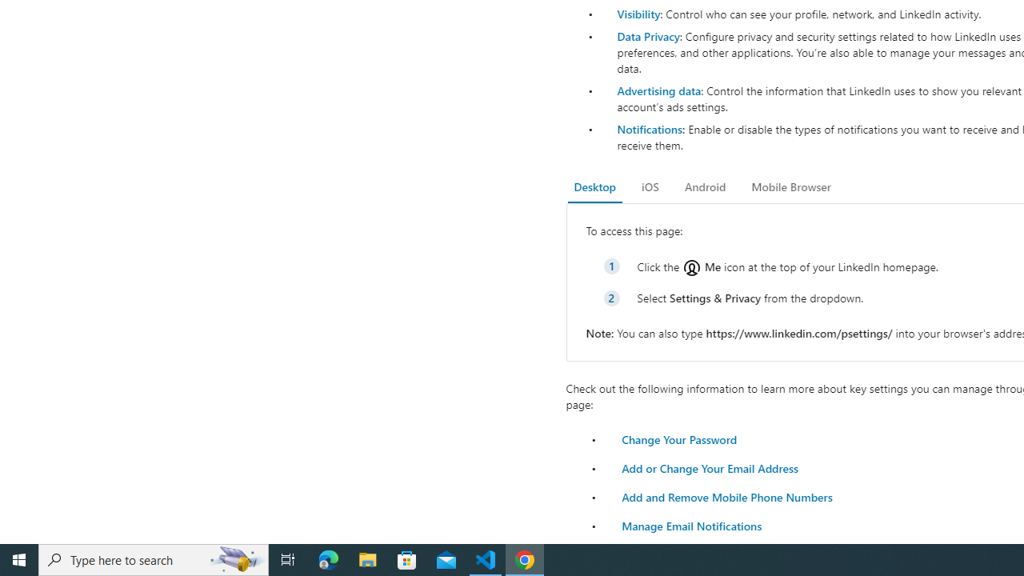  I want to click on 'Notifications', so click(649, 128).